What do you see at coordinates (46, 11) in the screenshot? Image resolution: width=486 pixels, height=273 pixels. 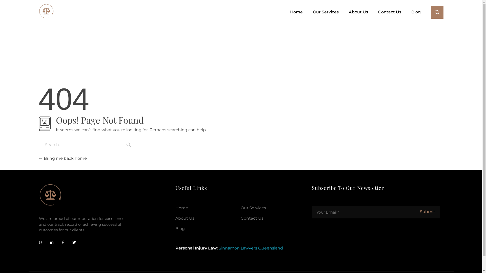 I see `'Business and Family Law'` at bounding box center [46, 11].